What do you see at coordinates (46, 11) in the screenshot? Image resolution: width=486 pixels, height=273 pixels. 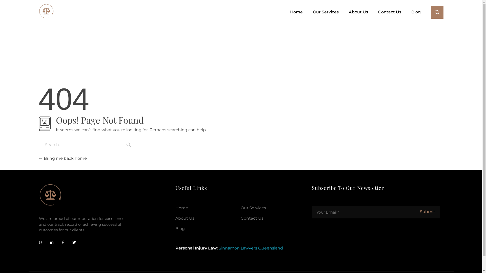 I see `'Business and Family Law'` at bounding box center [46, 11].